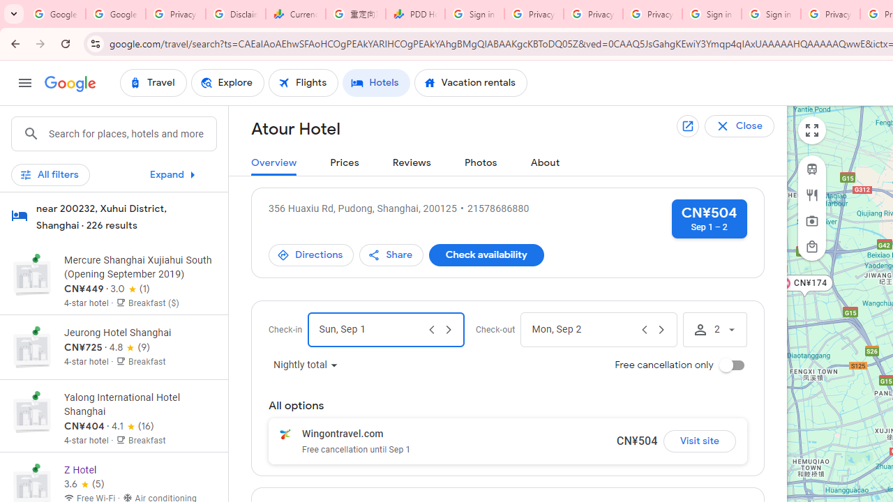  What do you see at coordinates (687, 126) in the screenshot?
I see `'Open in new tab'` at bounding box center [687, 126].